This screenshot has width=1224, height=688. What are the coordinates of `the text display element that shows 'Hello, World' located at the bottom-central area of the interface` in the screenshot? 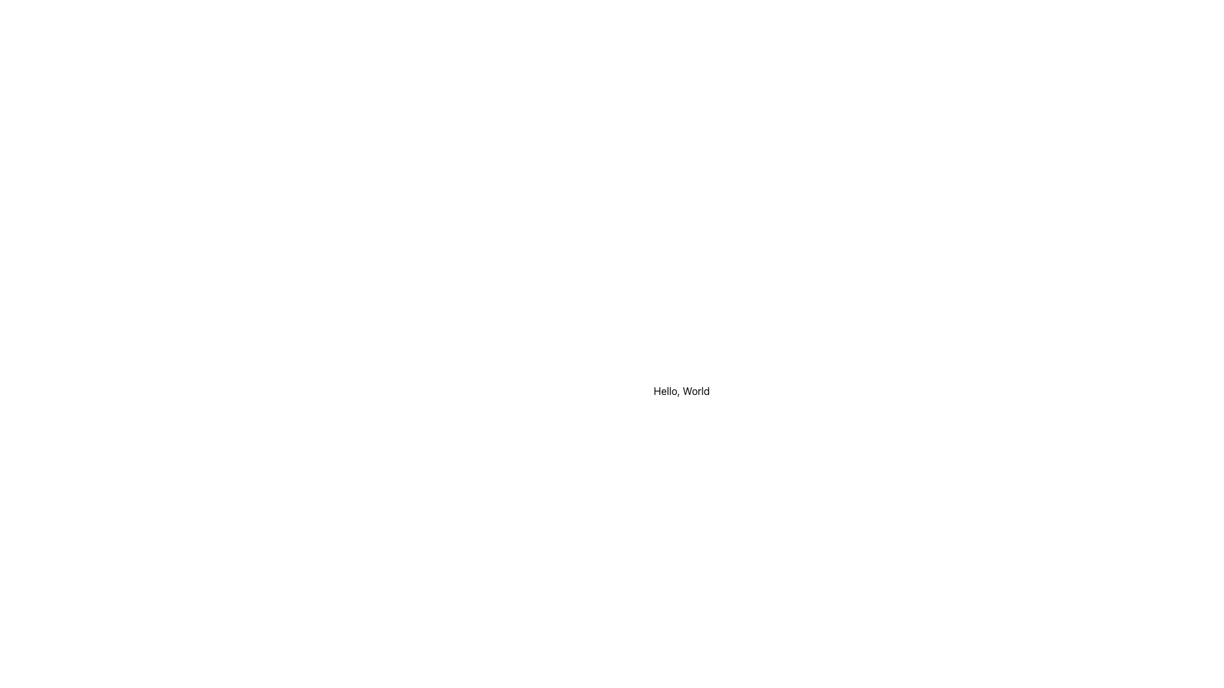 It's located at (681, 390).